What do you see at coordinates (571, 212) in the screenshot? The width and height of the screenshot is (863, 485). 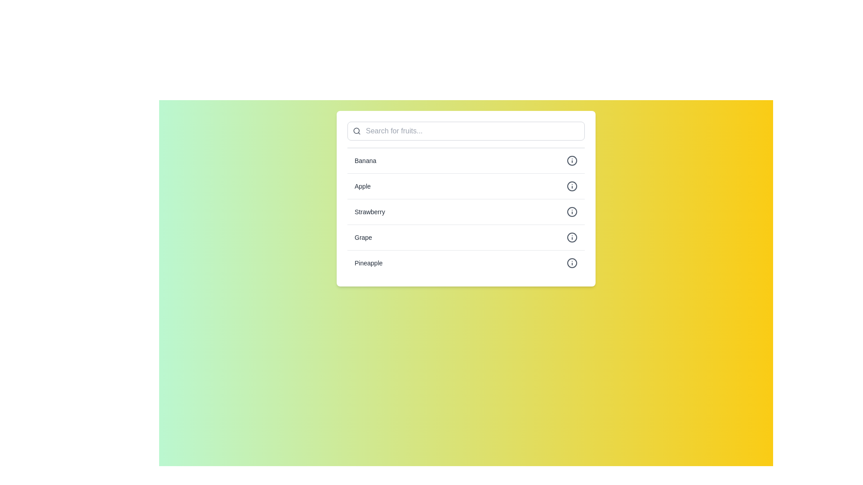 I see `the circular graphical element associated with the list item labeled 'Strawberry', which is located on the right side of its row` at bounding box center [571, 212].